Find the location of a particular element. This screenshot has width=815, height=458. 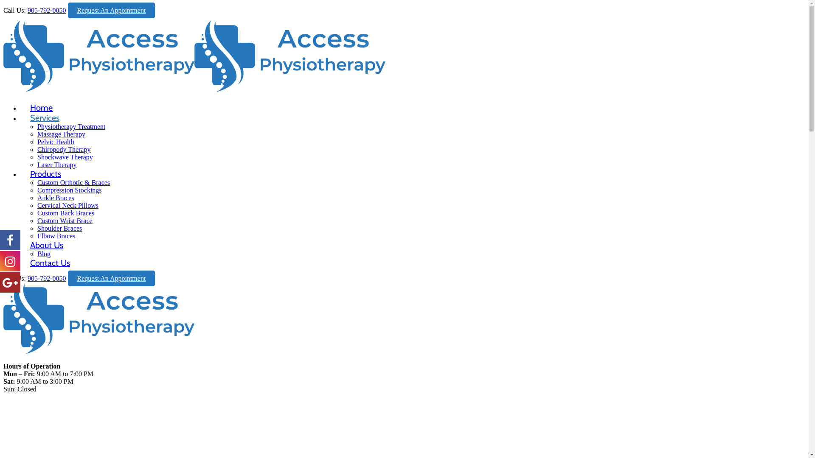

'Shockwave Therapy' is located at coordinates (37, 157).